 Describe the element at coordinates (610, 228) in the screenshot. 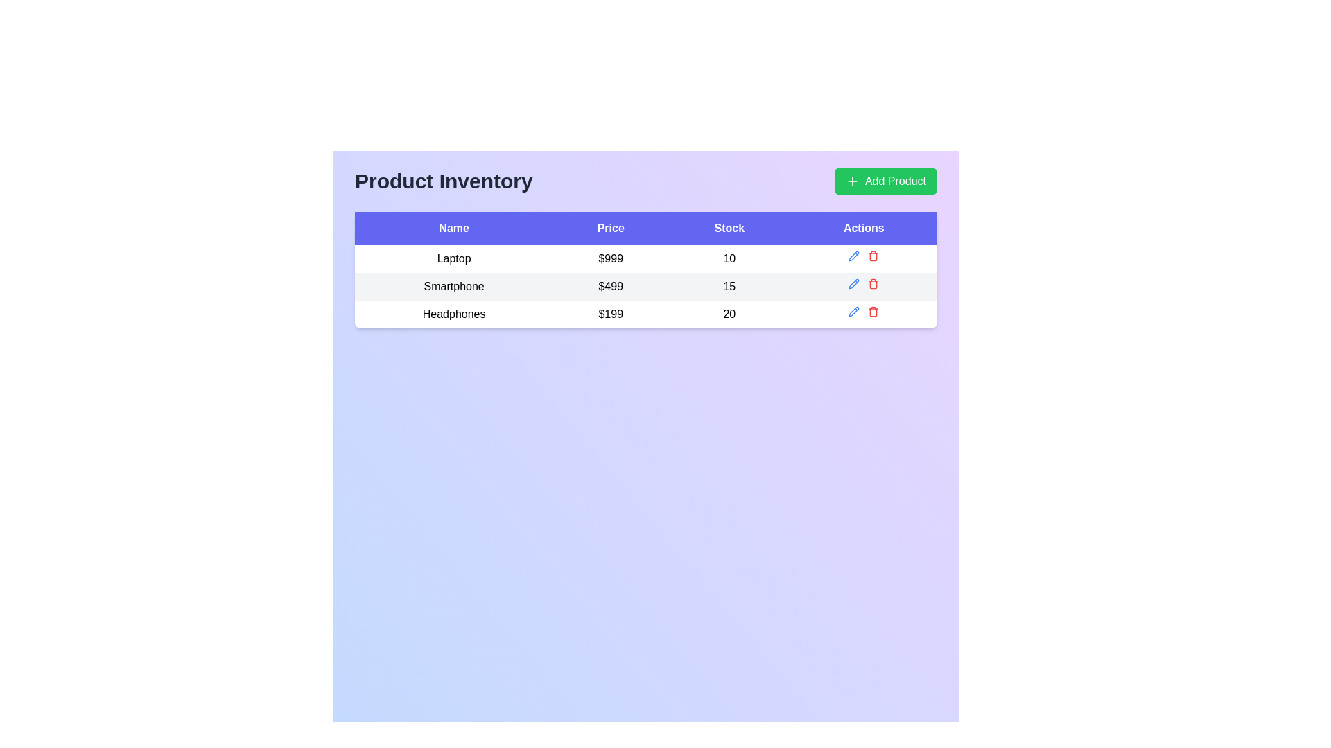

I see `text 'Price' from the Table Header Cell that serves as the header for the 'Price' column, located between the 'Name' and 'Stock' column headers` at that location.